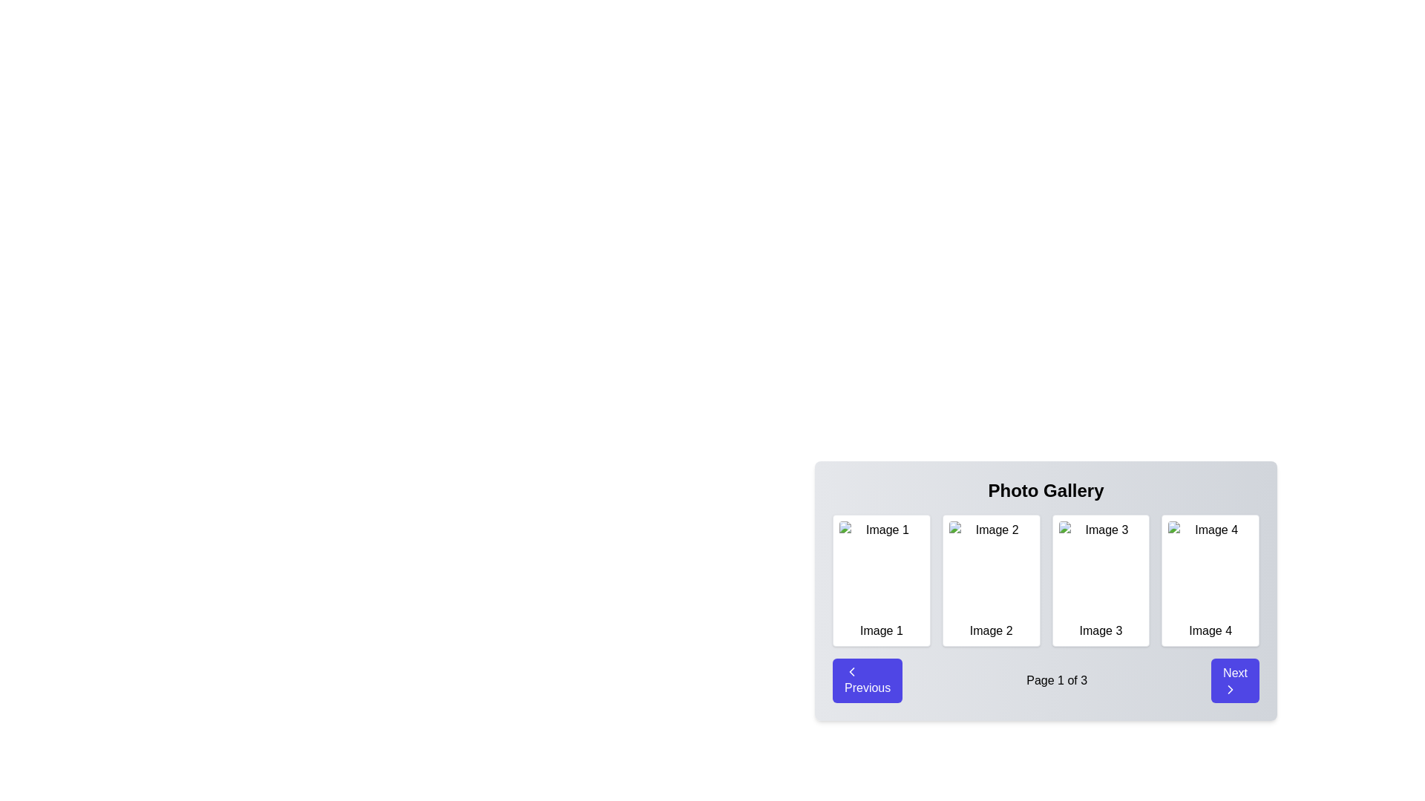 The width and height of the screenshot is (1425, 801). Describe the element at coordinates (1231, 689) in the screenshot. I see `the right-pointing arrow icon within the 'Next' button` at that location.